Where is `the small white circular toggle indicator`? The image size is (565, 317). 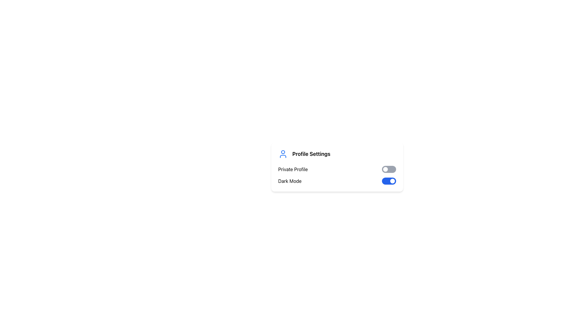 the small white circular toggle indicator is located at coordinates (392, 181).